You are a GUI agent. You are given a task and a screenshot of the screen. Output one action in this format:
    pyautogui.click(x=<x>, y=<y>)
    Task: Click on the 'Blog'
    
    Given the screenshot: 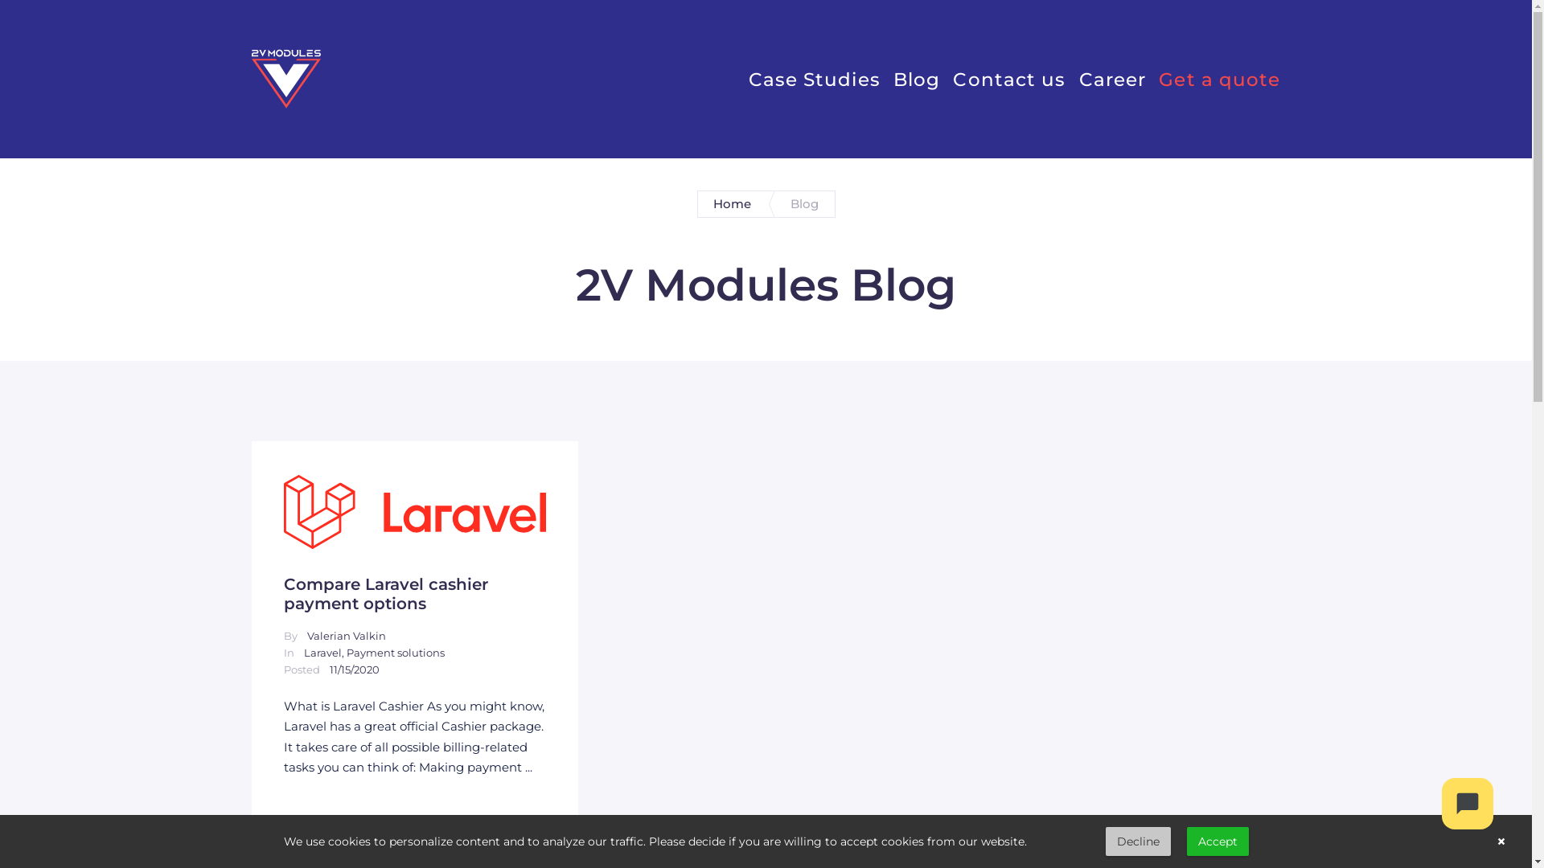 What is the action you would take?
    pyautogui.click(x=917, y=78)
    